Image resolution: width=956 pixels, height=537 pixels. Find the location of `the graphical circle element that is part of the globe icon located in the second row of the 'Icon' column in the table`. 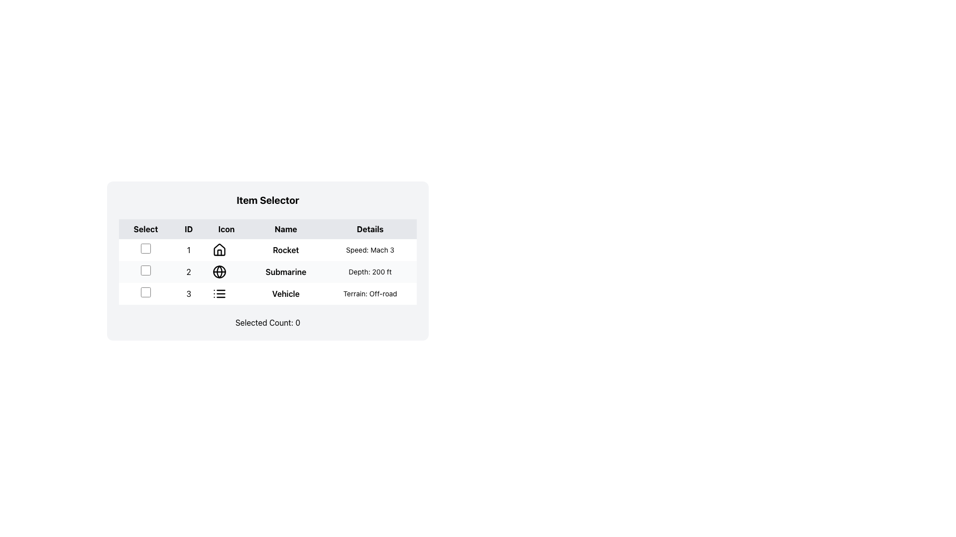

the graphical circle element that is part of the globe icon located in the second row of the 'Icon' column in the table is located at coordinates (219, 272).